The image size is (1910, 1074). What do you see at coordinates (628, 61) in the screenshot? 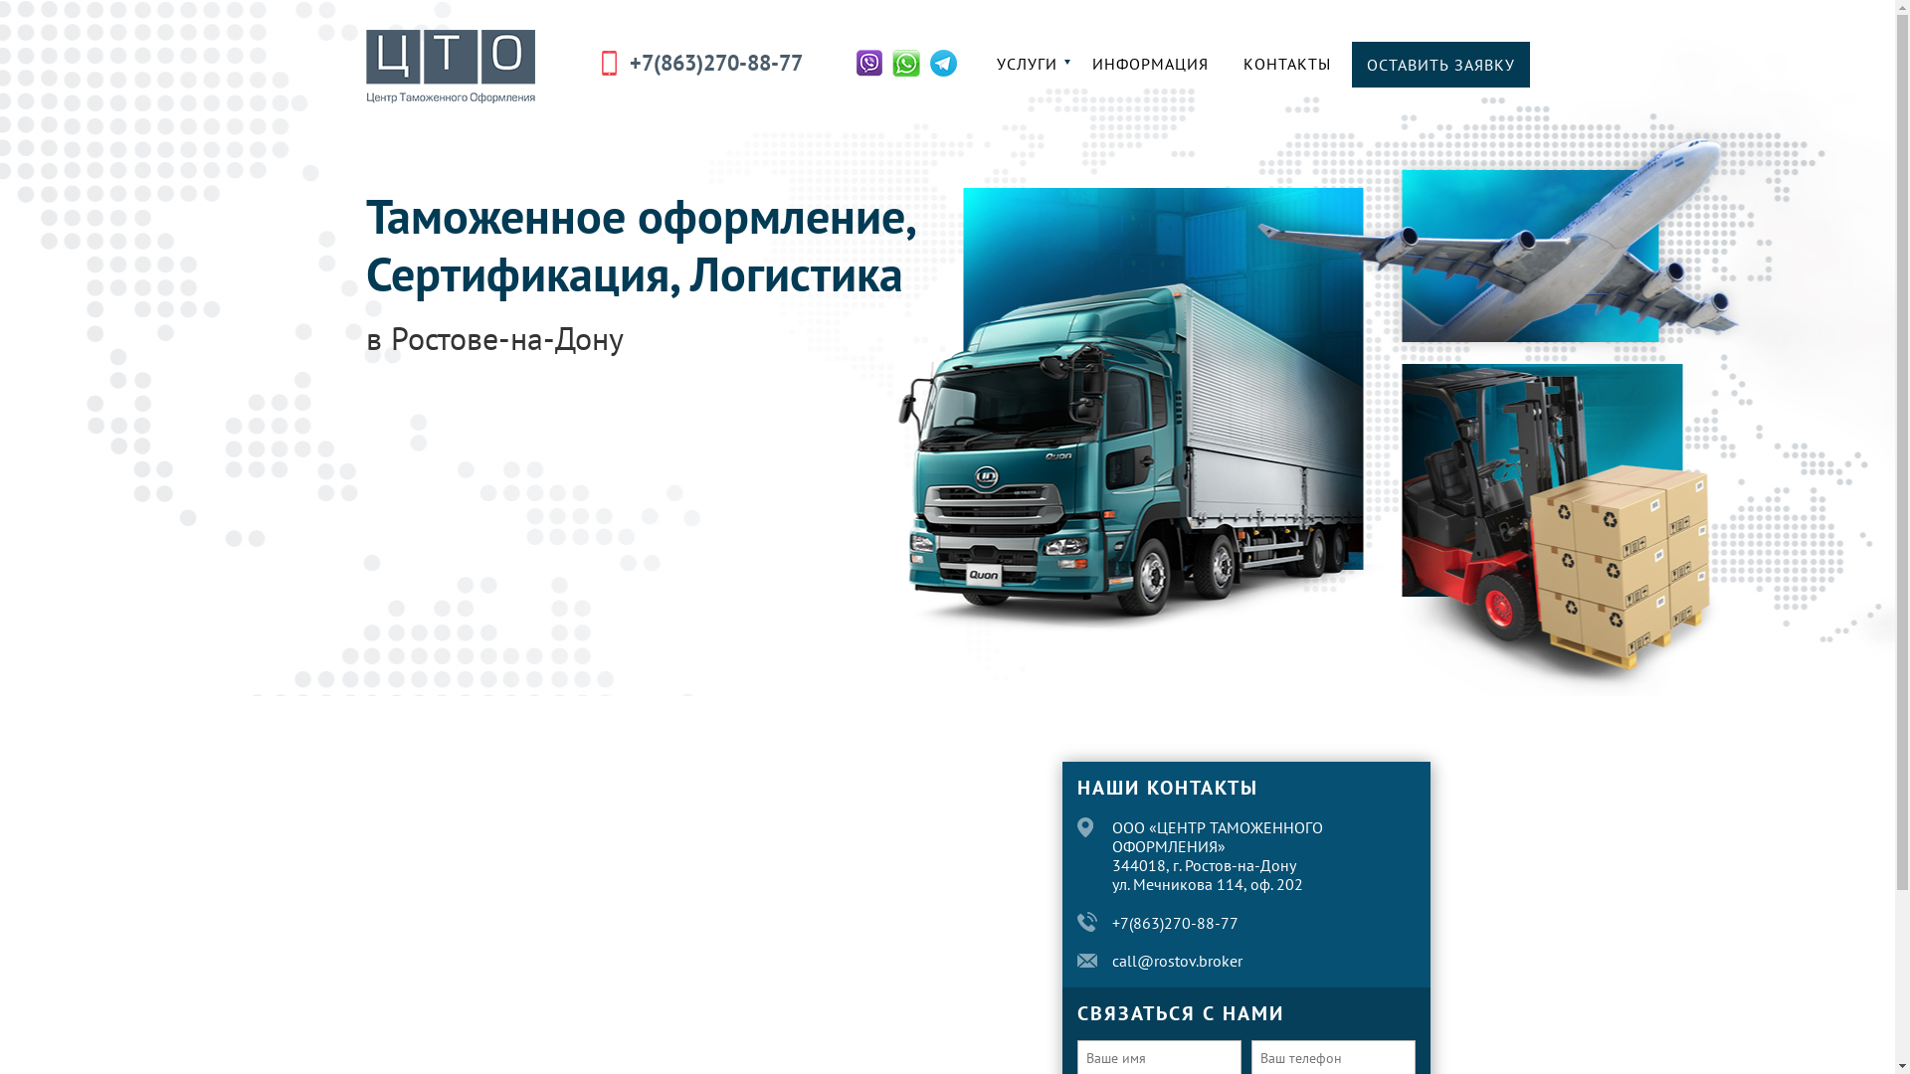
I see `'+7(863)270-88-77'` at bounding box center [628, 61].